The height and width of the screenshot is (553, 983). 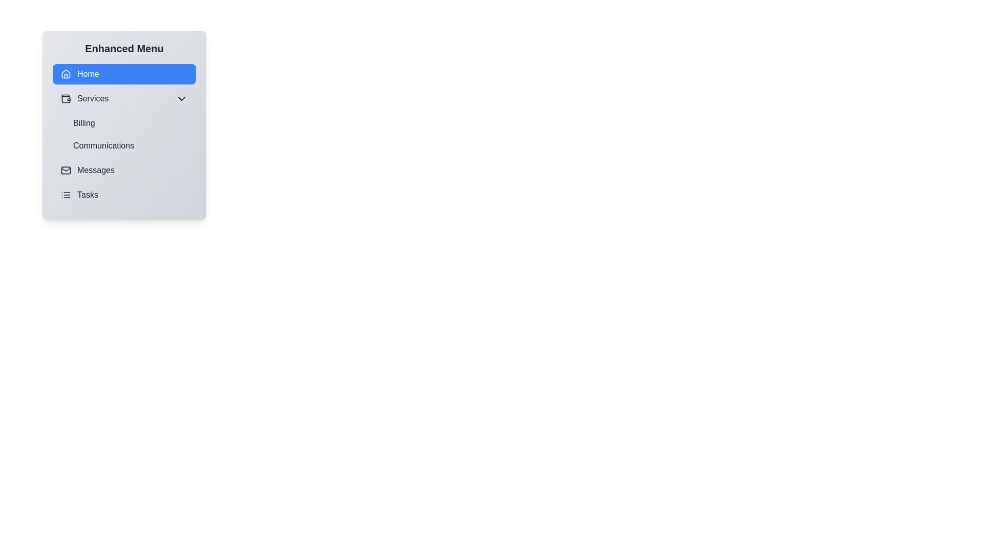 I want to click on static text header that displays 'Enhanced Menu', which is bold and positioned at the top of a light gray menu box, so click(x=124, y=49).